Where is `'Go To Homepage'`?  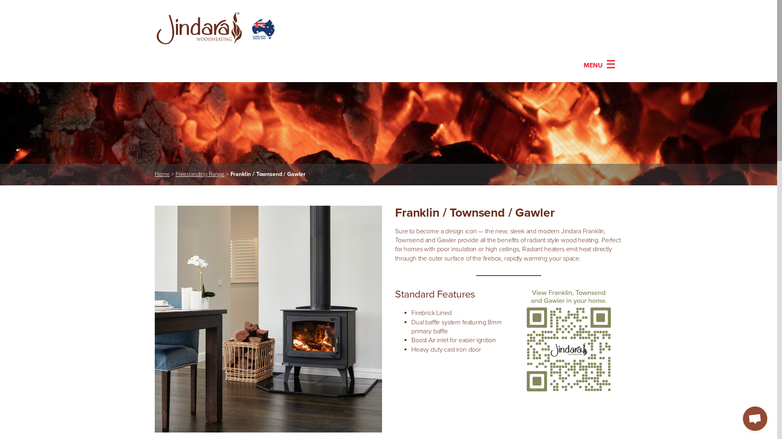 'Go To Homepage' is located at coordinates (215, 29).